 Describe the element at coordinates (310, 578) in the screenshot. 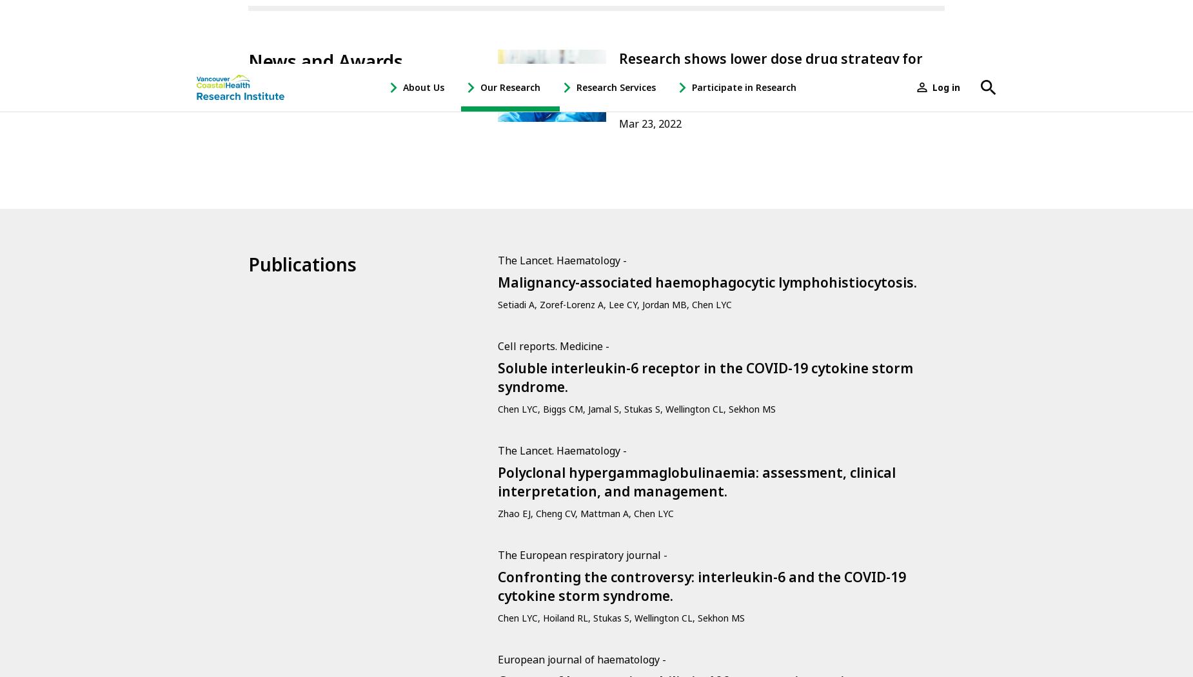

I see `'© 2023 VCHRI. All rights reserved.'` at that location.